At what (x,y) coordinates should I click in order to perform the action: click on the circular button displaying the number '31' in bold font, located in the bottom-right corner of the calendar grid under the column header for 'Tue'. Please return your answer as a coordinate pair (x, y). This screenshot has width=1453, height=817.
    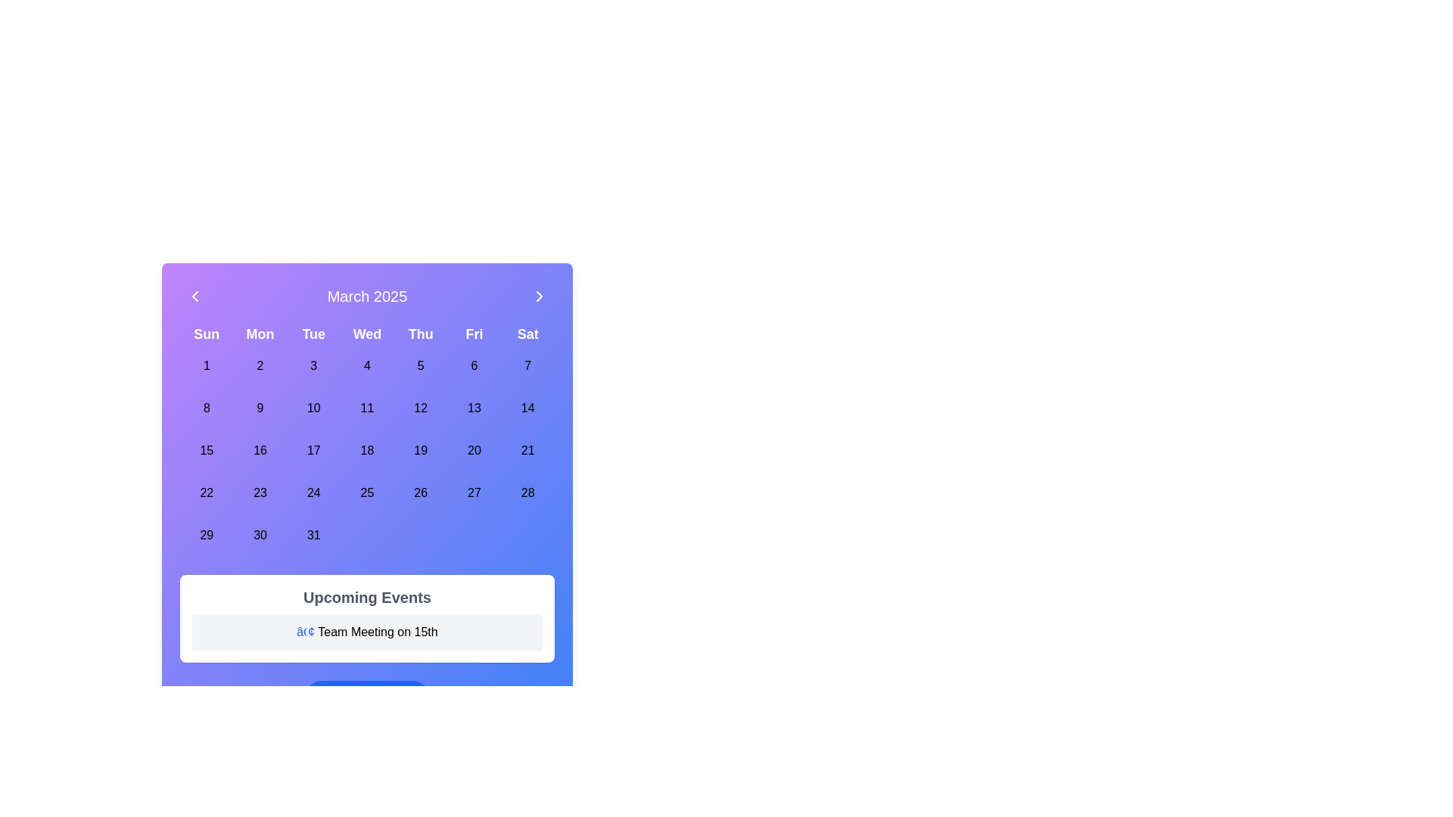
    Looking at the image, I should click on (313, 535).